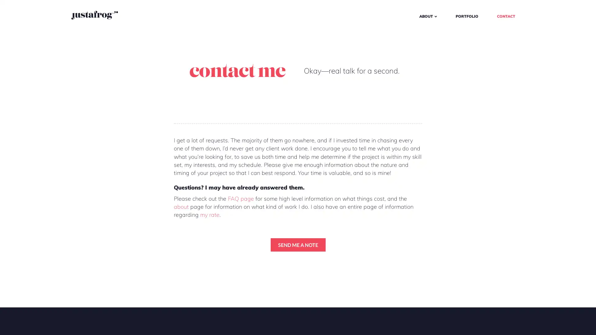 The width and height of the screenshot is (596, 335). What do you see at coordinates (297, 244) in the screenshot?
I see `SEND ME A NOTE` at bounding box center [297, 244].